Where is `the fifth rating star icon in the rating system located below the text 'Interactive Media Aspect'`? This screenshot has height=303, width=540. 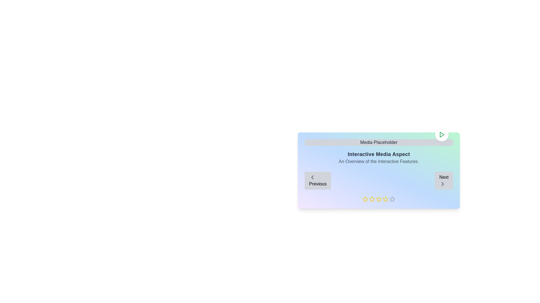 the fifth rating star icon in the rating system located below the text 'Interactive Media Aspect' is located at coordinates (392, 199).